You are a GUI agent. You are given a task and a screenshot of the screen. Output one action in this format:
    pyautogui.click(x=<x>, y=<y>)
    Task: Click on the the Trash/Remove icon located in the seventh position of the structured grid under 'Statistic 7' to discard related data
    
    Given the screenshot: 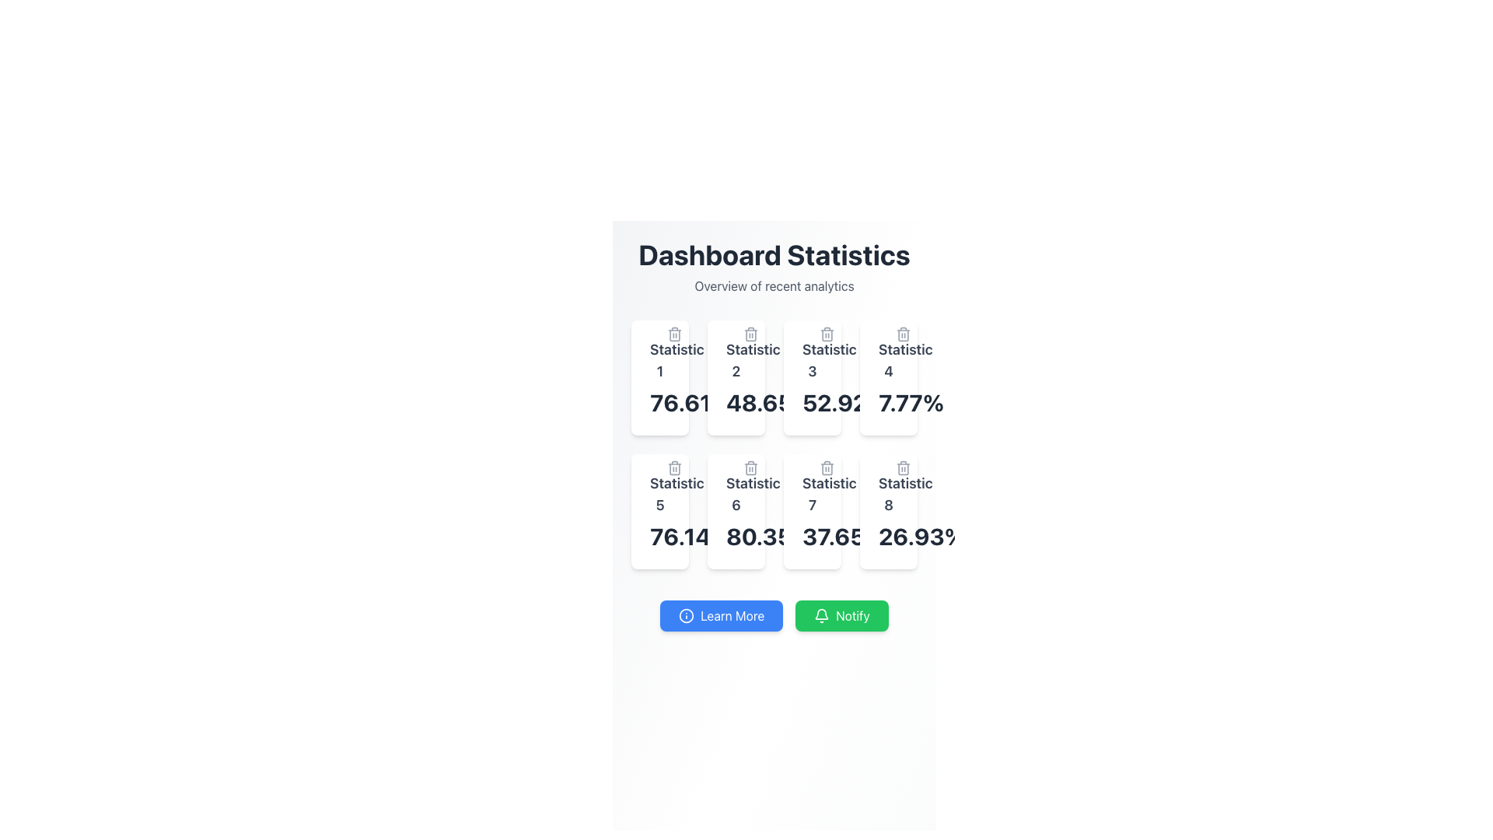 What is the action you would take?
    pyautogui.click(x=827, y=467)
    